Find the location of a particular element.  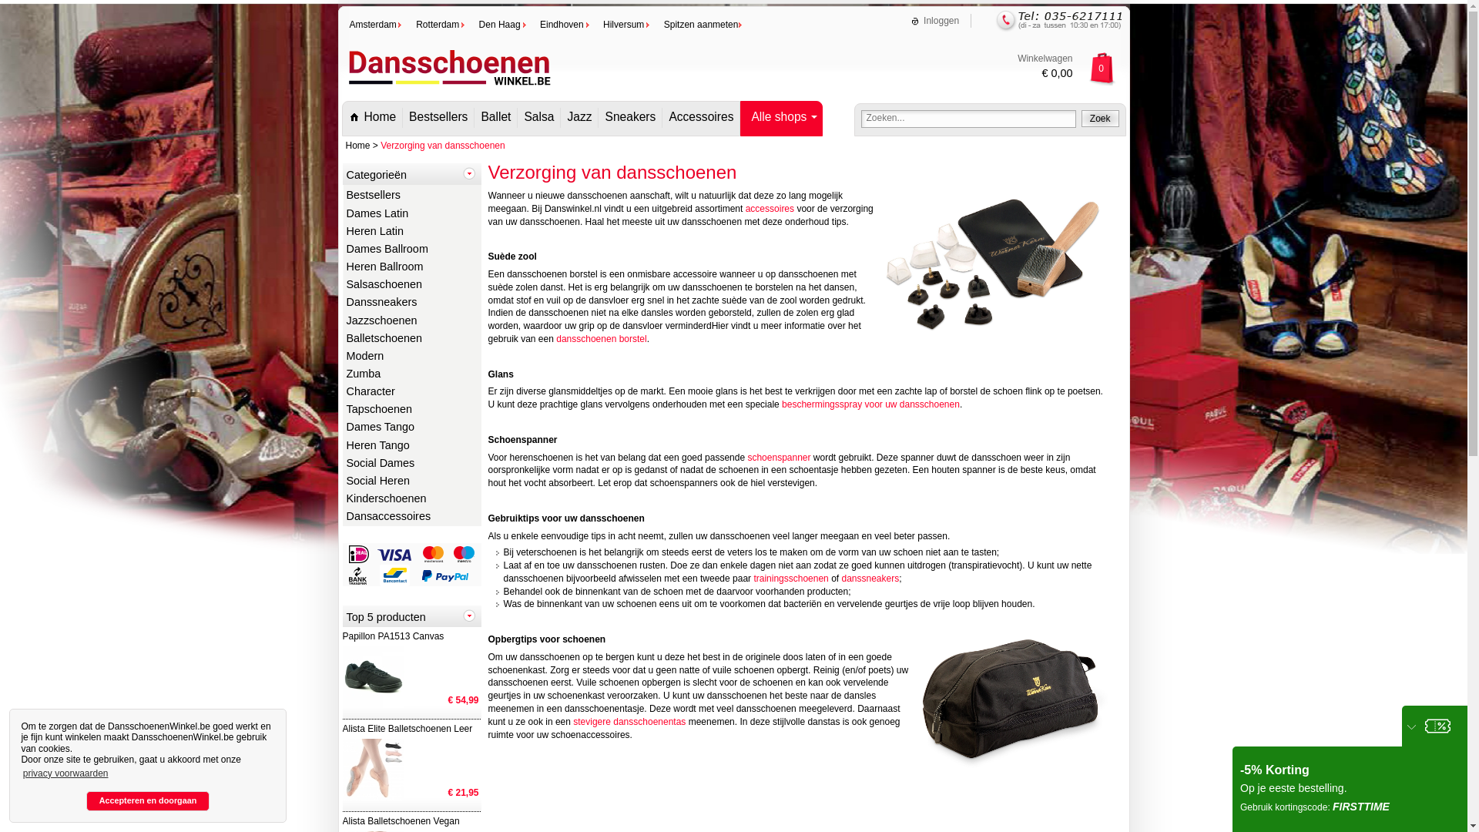

'Dames Tango' is located at coordinates (411, 428).